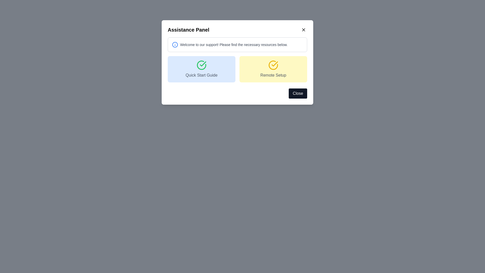  Describe the element at coordinates (188, 30) in the screenshot. I see `the bold and prominently styled heading 'Assistance Panel' located at the top of the modal dialog's header bar` at that location.